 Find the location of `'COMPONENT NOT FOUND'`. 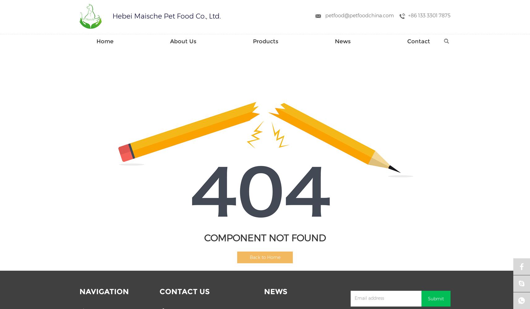

'COMPONENT NOT FOUND' is located at coordinates (265, 238).